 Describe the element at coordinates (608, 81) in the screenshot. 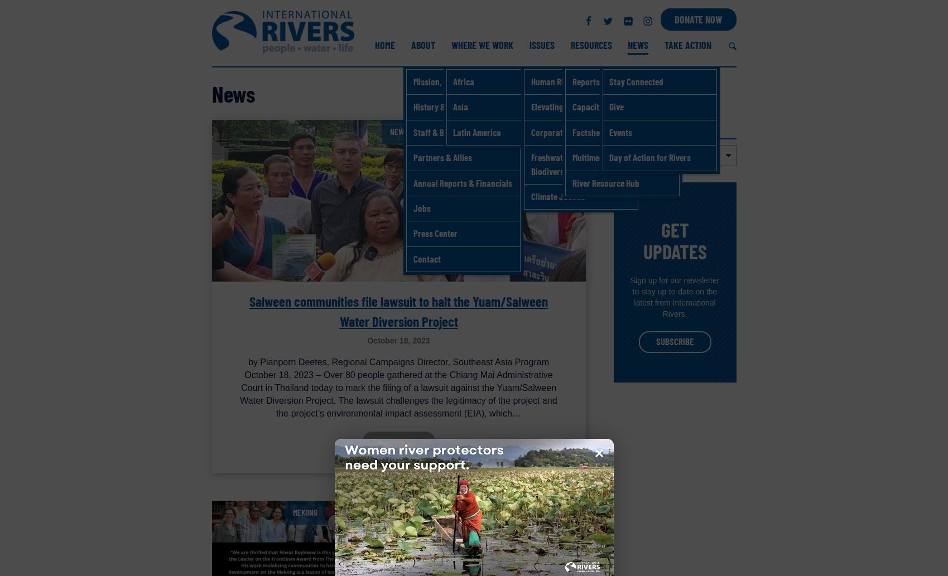

I see `'Stay Connected'` at that location.